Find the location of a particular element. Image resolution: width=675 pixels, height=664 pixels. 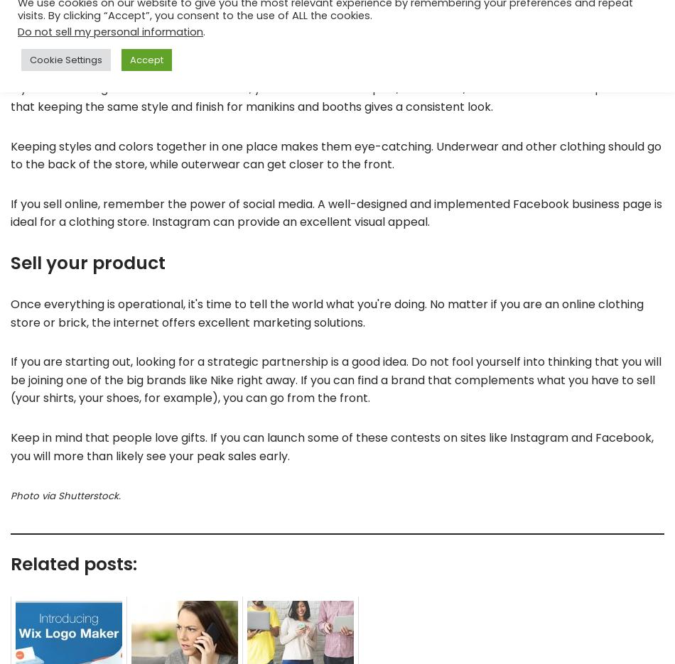

'Keep in mind that people love gifts. If you can launch some of these contests on sites like Instagram and Facebook, you will more than likely see your peak sales early.' is located at coordinates (331, 445).